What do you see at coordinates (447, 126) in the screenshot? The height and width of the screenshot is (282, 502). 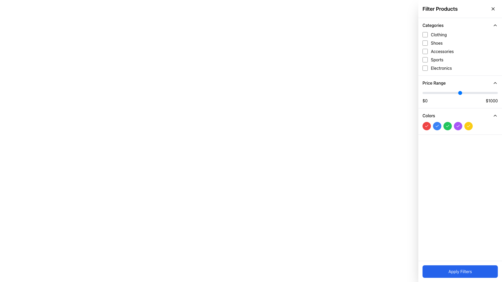 I see `the green circular button with the color filter option, which contains a checkmark indicating that the green color filter is currently selected` at bounding box center [447, 126].